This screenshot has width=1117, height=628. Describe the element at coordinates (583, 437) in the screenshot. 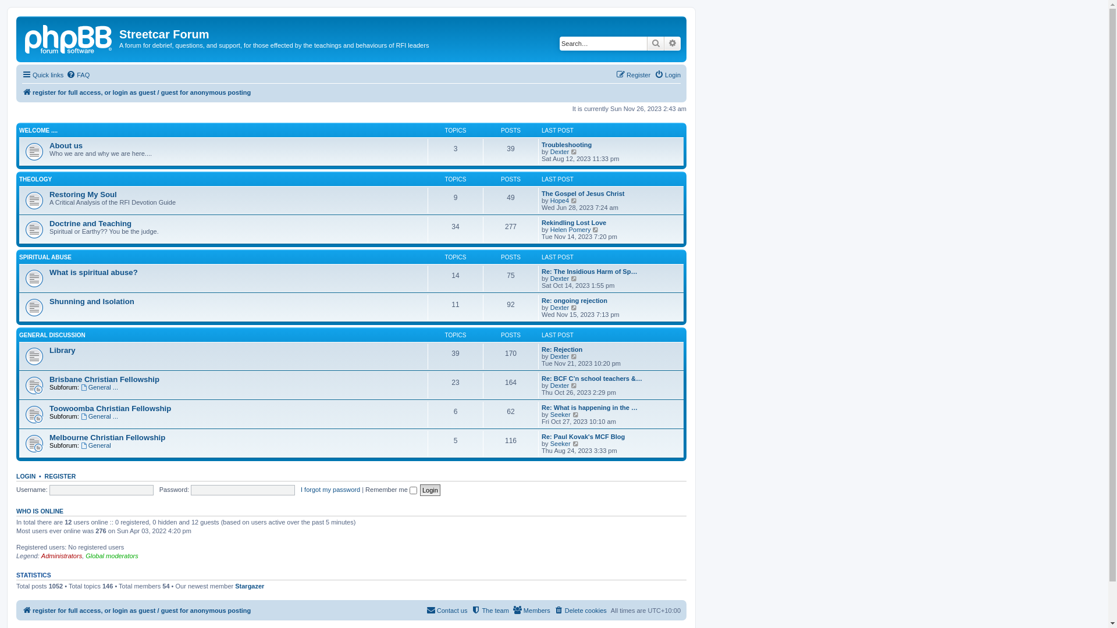

I see `'Re: Paul Kovak's MCF Blog'` at that location.